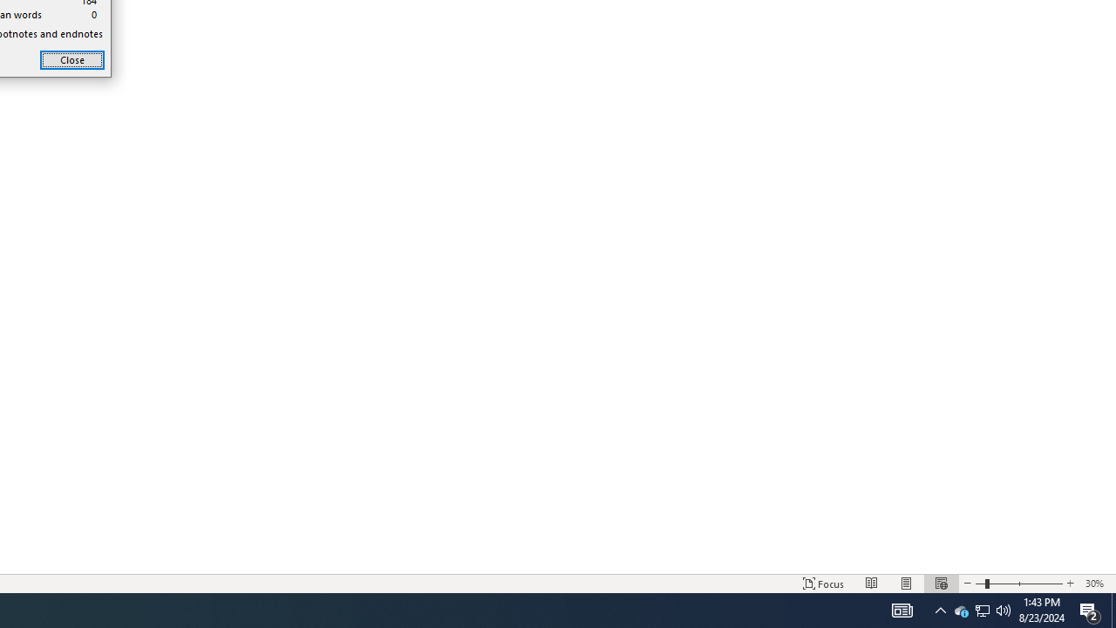  Describe the element at coordinates (902, 609) in the screenshot. I see `'AutomationID: 4105'` at that location.